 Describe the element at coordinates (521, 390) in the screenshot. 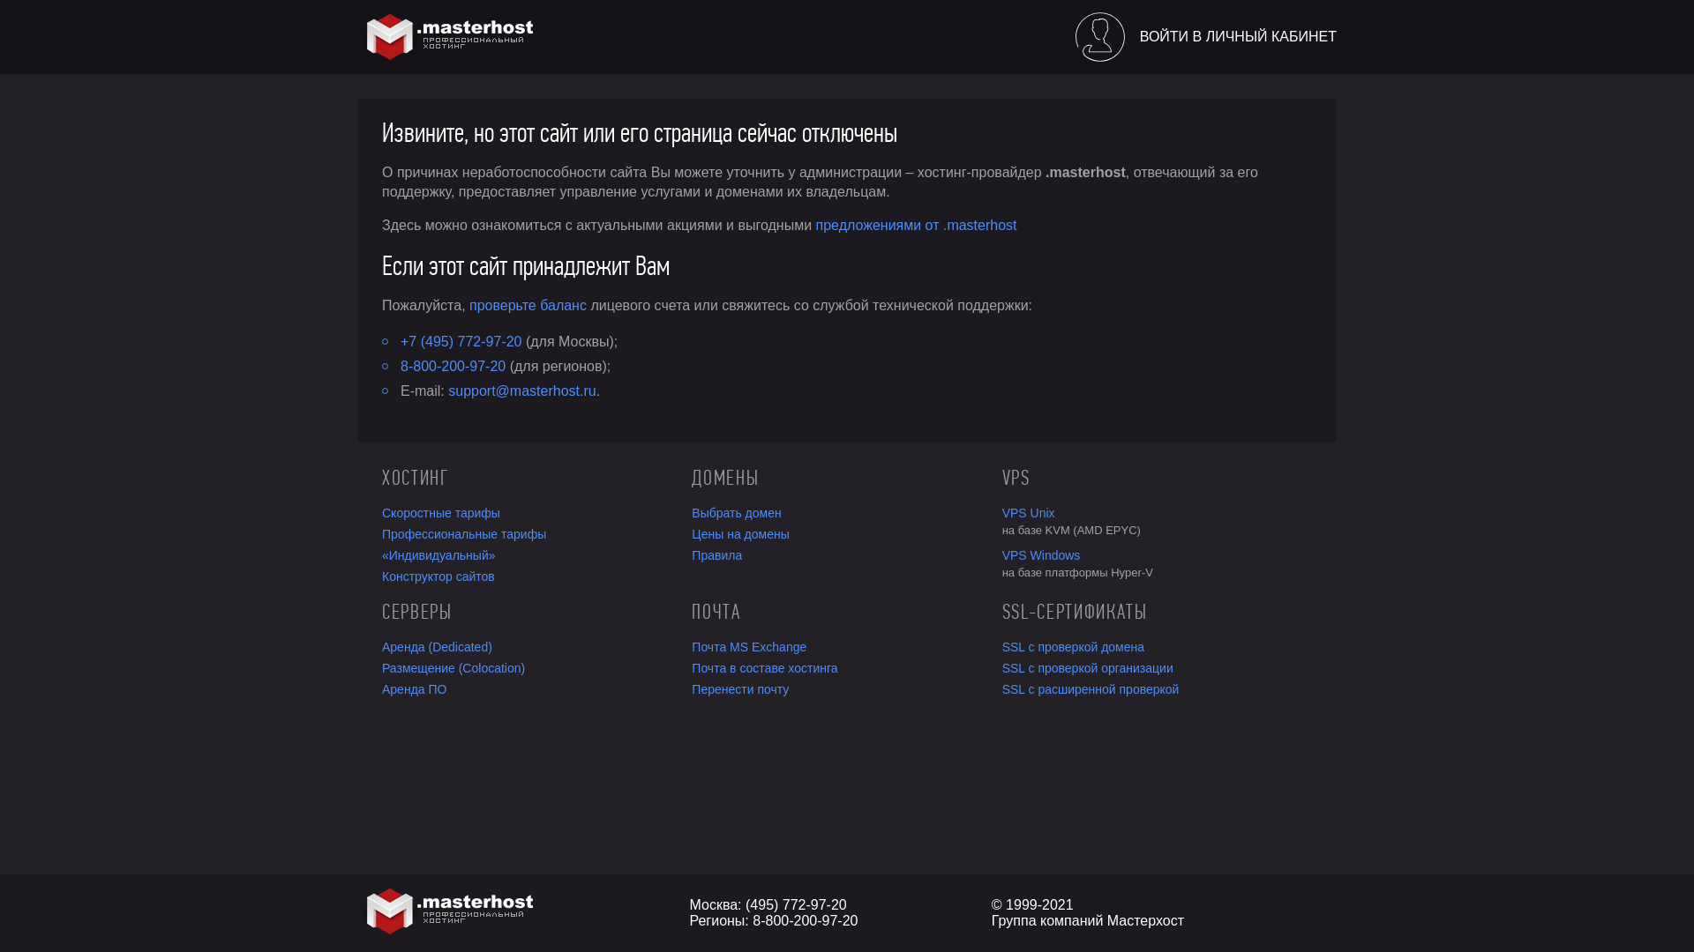

I see `'support@masterhost.ru'` at that location.